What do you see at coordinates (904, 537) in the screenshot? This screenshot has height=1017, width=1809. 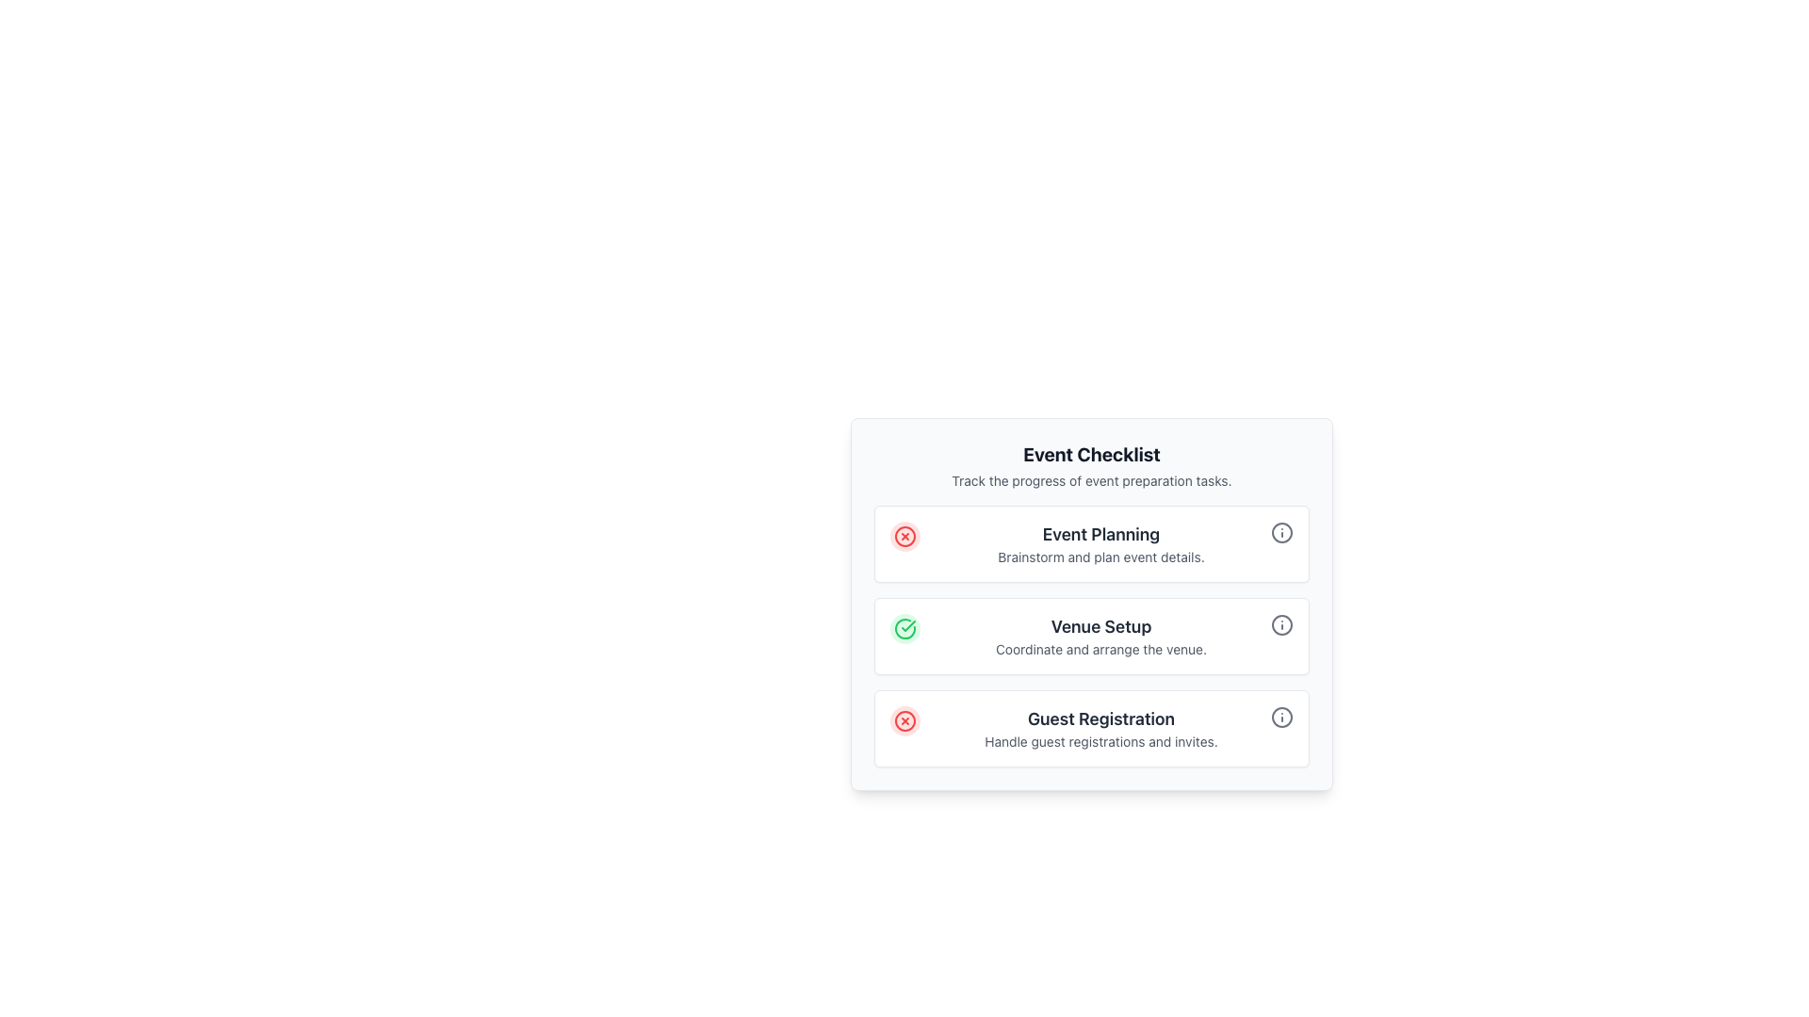 I see `the Cancel/Close indicator icon located to the left of 'Event Planning' in the checklist` at bounding box center [904, 537].